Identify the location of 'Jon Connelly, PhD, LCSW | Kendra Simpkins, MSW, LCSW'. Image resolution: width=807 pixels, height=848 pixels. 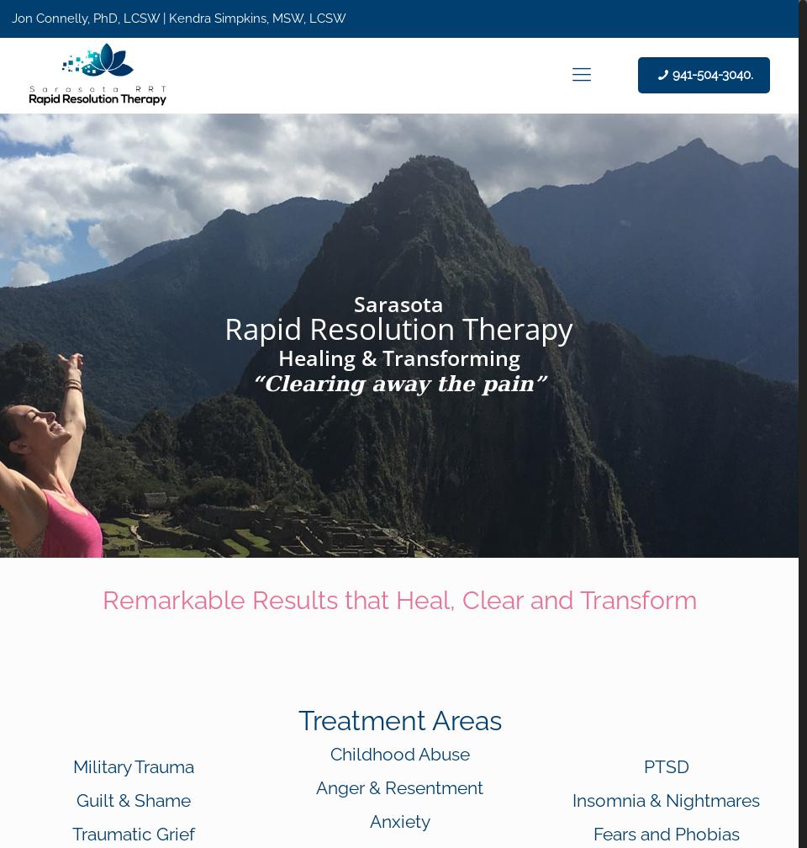
(179, 18).